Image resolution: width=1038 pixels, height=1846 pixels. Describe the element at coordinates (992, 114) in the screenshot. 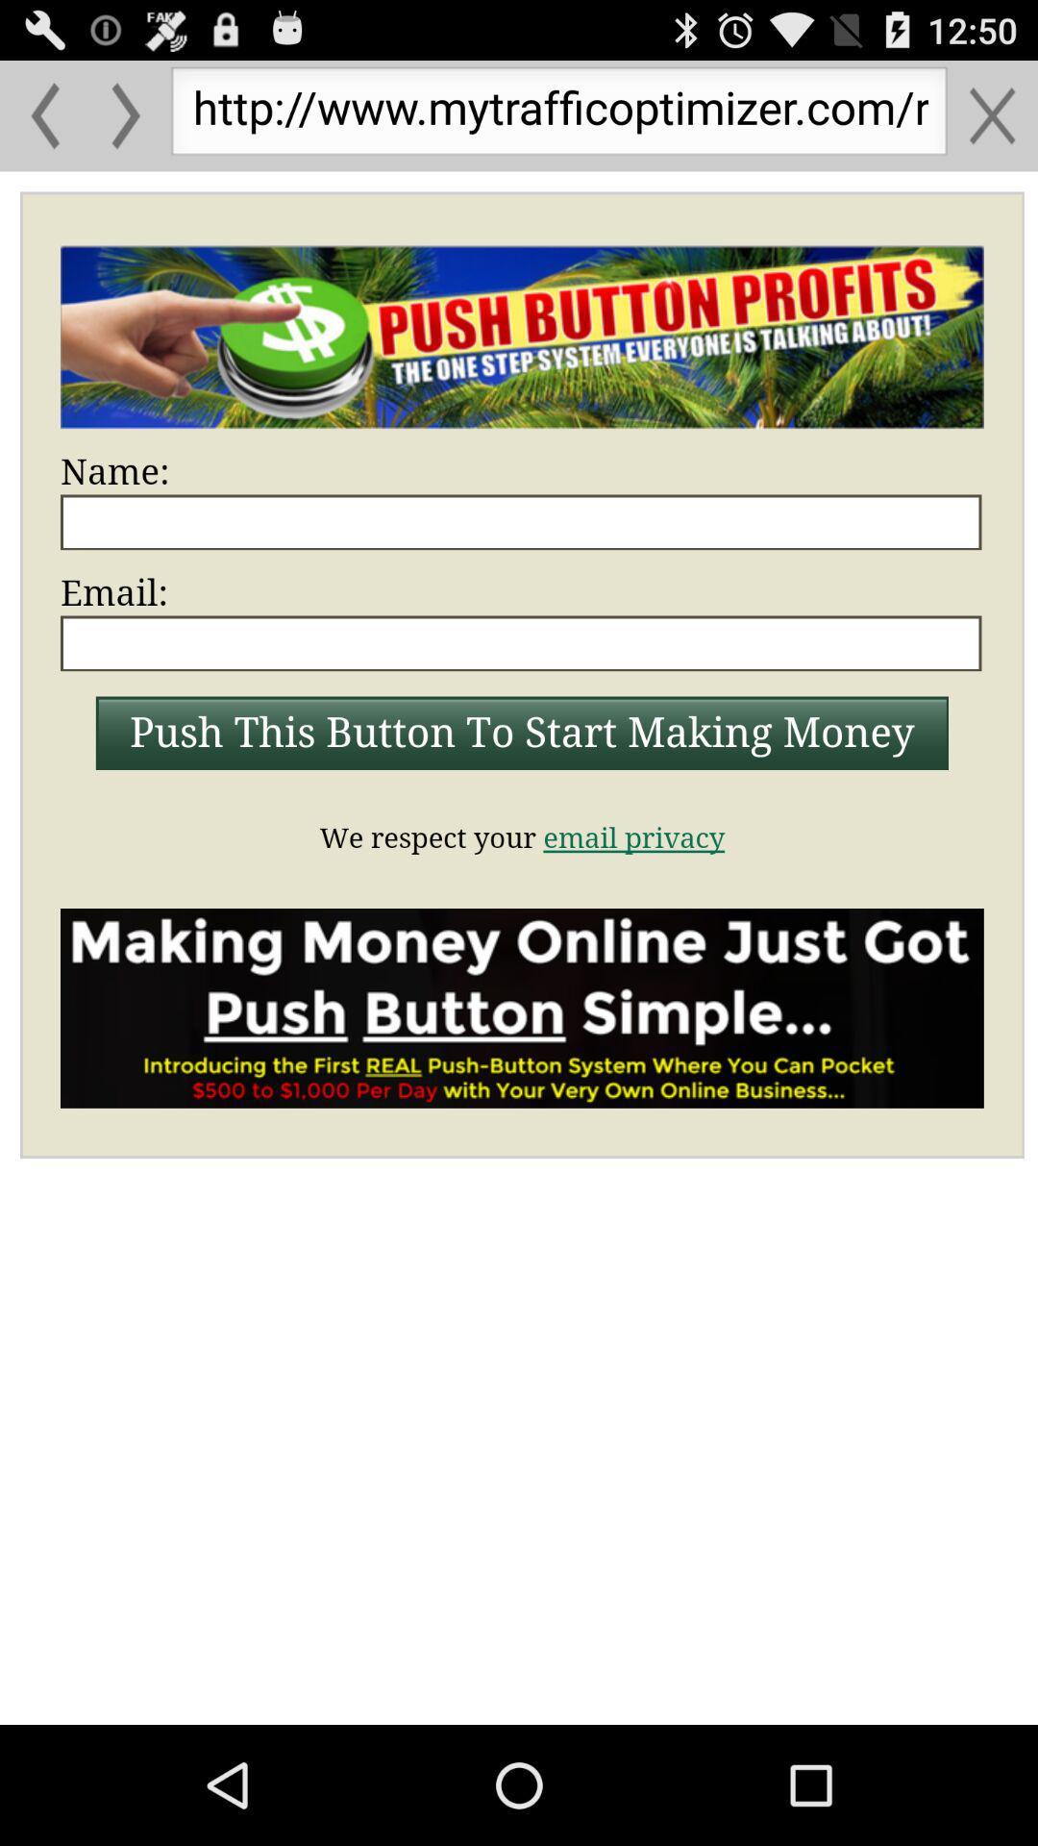

I see `close` at that location.